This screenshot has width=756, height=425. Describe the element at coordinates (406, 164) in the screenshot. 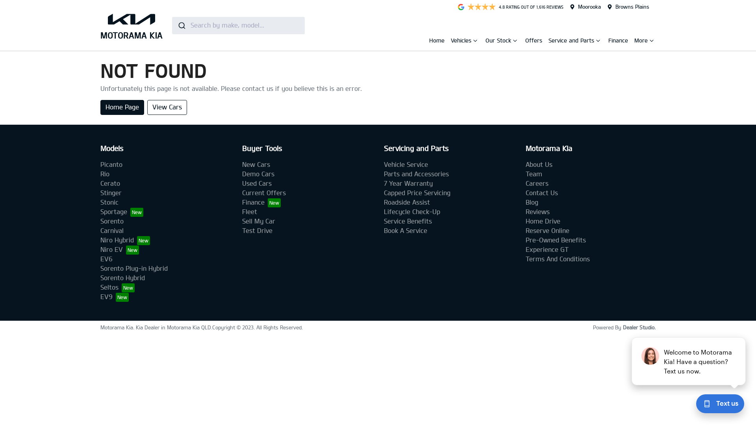

I see `'Vehicle Service'` at that location.